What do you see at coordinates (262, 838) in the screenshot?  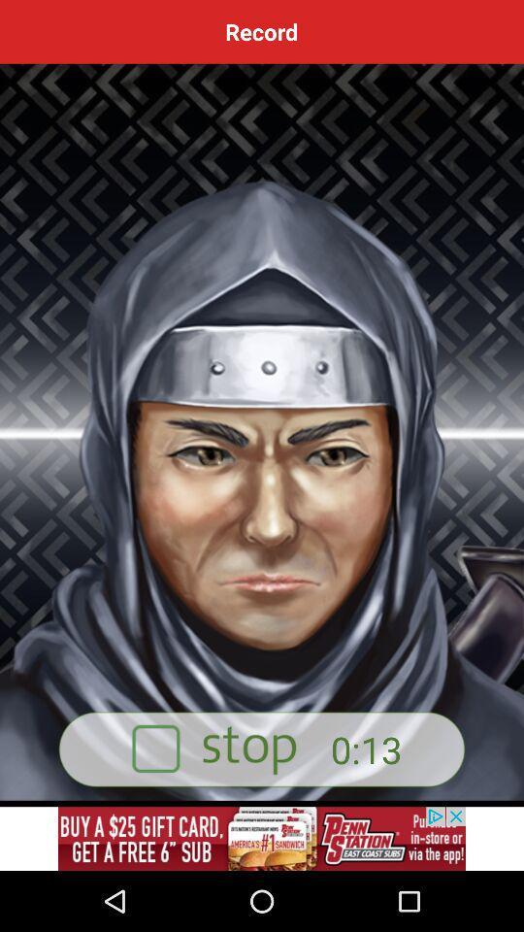 I see `open advertisement` at bounding box center [262, 838].